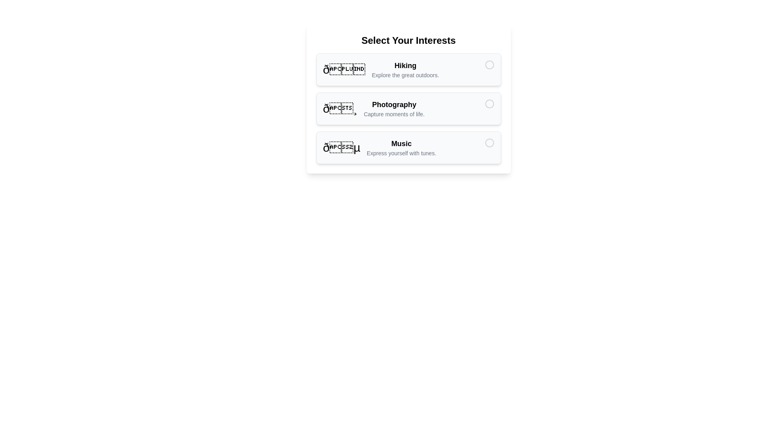 The image size is (765, 430). I want to click on the item labeled Photography, so click(408, 109).